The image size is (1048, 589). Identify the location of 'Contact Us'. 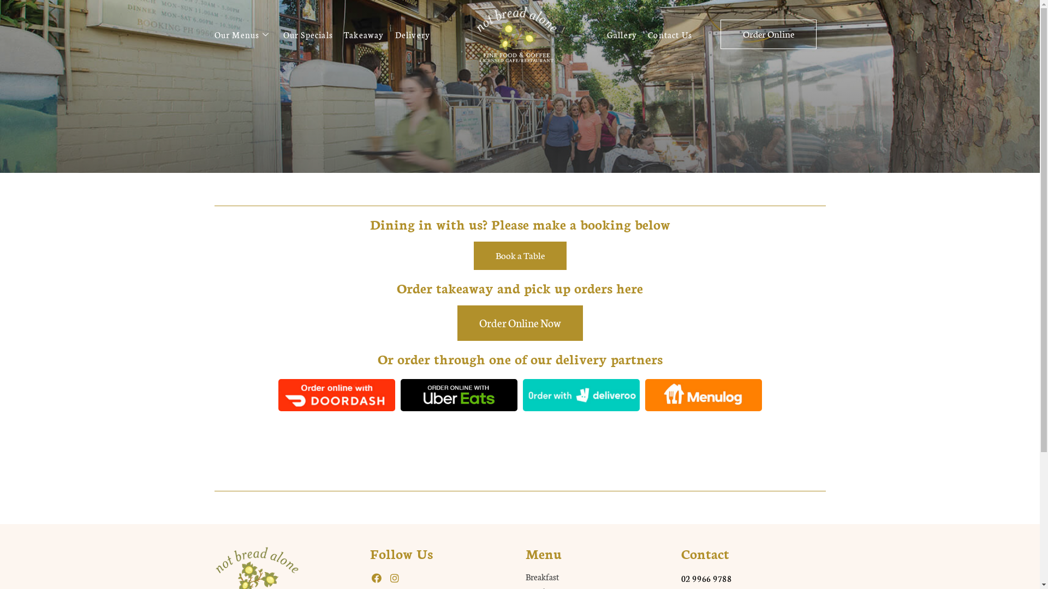
(675, 33).